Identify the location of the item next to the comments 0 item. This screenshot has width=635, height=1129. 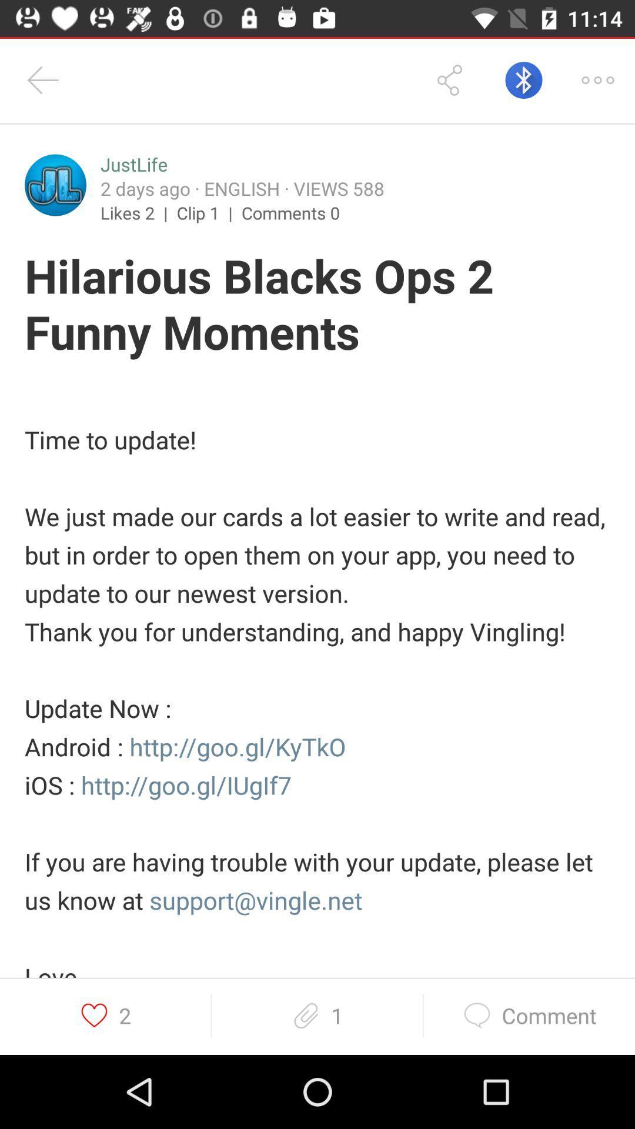
(208, 212).